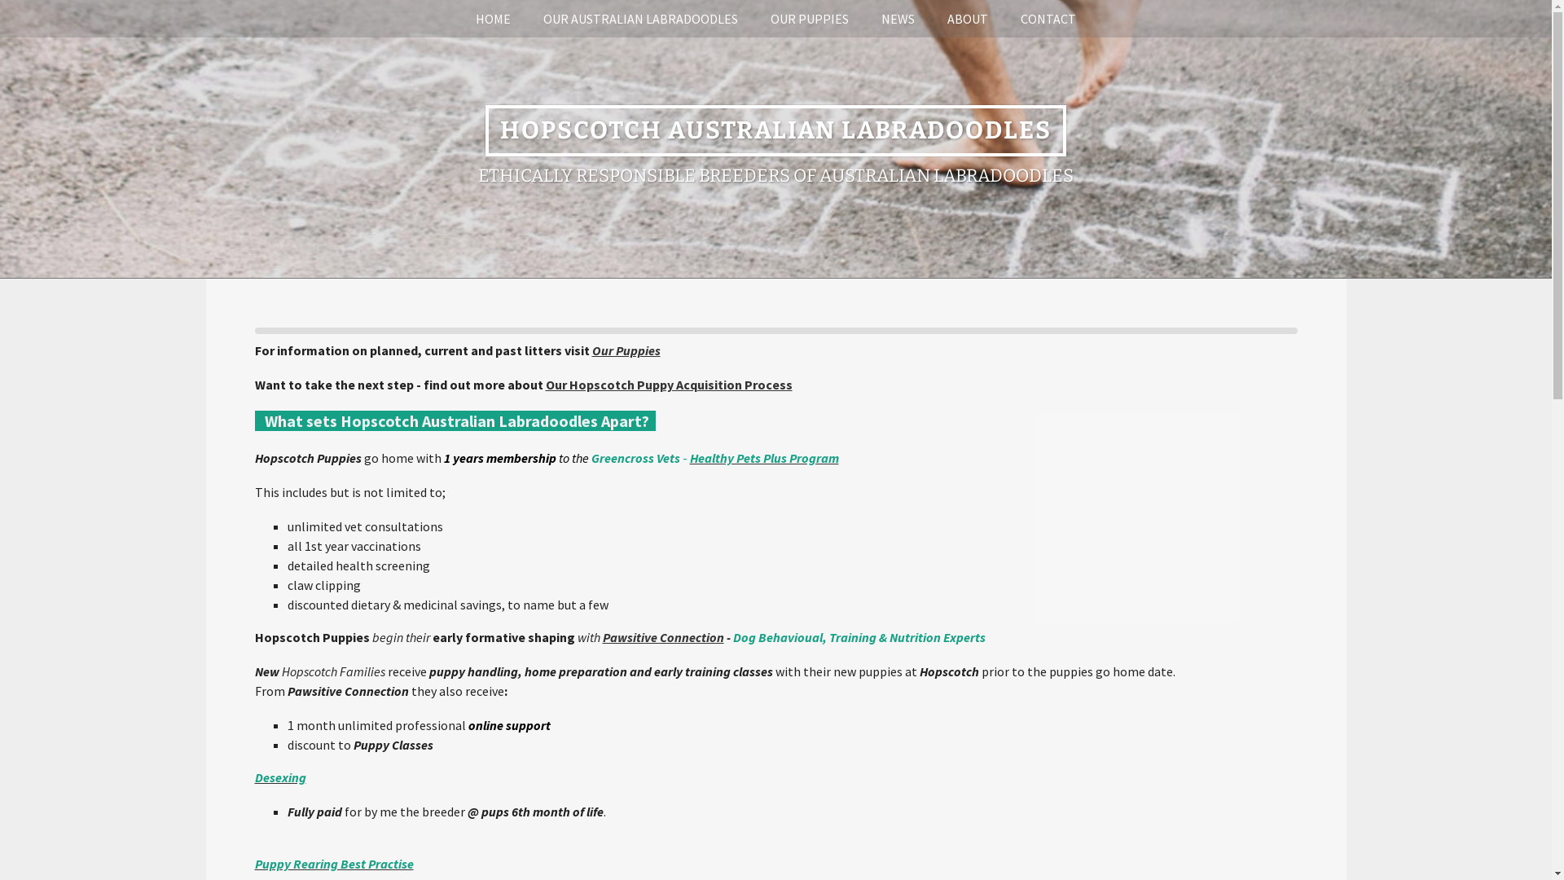 The height and width of the screenshot is (880, 1564). What do you see at coordinates (663, 636) in the screenshot?
I see `'Pawsitive Connection'` at bounding box center [663, 636].